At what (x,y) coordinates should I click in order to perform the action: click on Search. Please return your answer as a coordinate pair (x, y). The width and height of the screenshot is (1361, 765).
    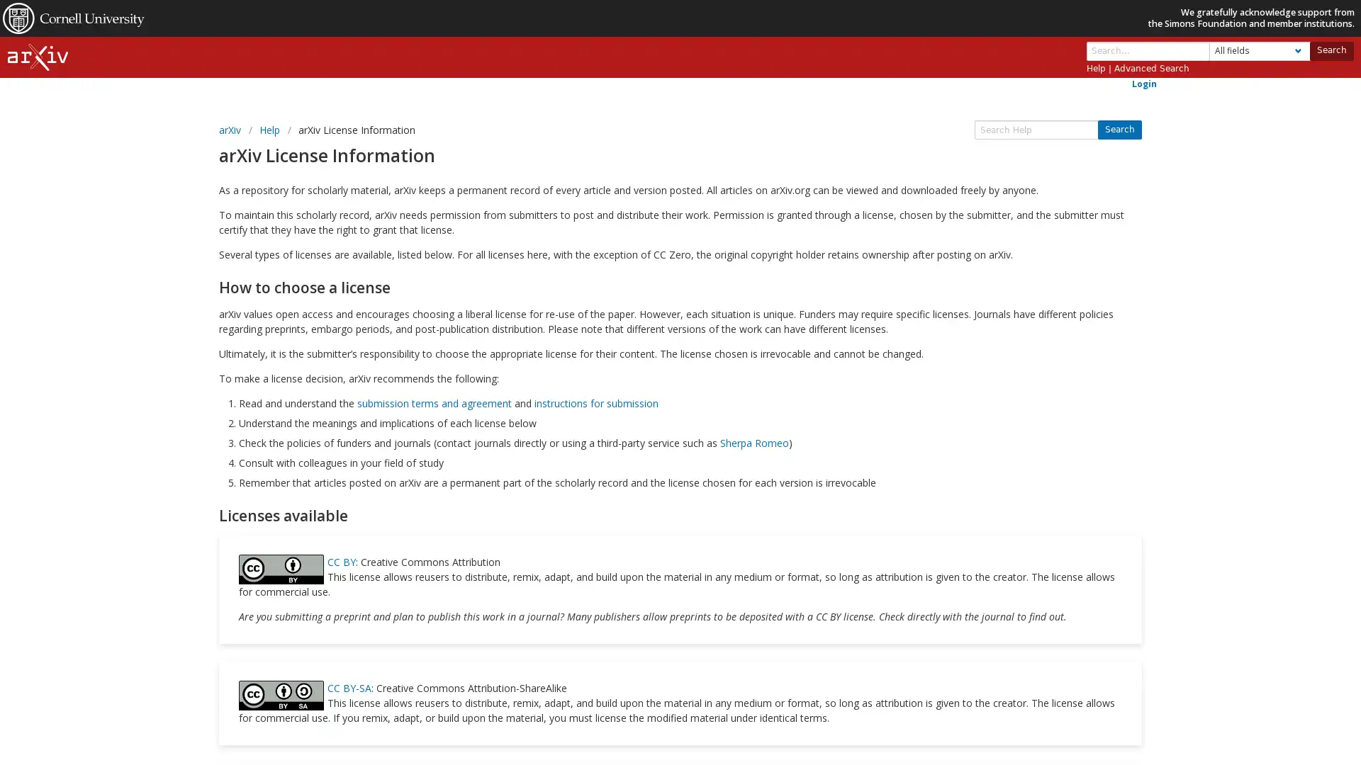
    Looking at the image, I should click on (1119, 130).